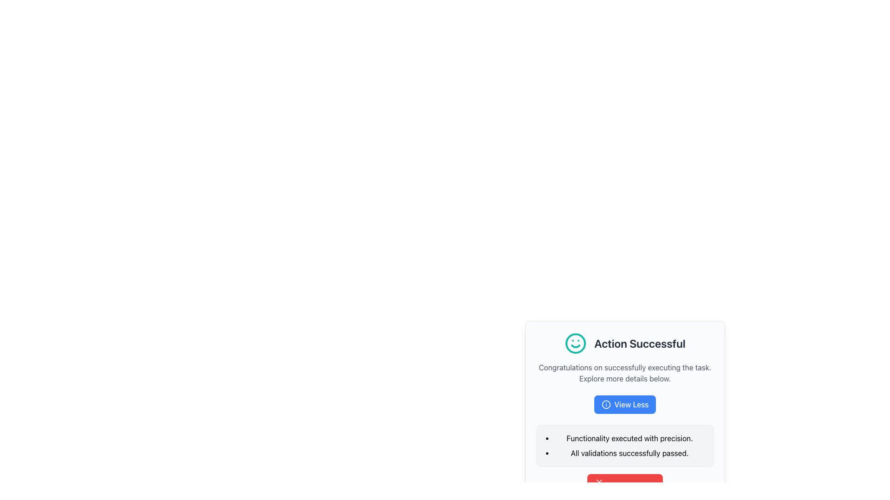 The height and width of the screenshot is (500, 890). I want to click on the collapse button located below the descriptive text and above the styled message box, so click(625, 404).